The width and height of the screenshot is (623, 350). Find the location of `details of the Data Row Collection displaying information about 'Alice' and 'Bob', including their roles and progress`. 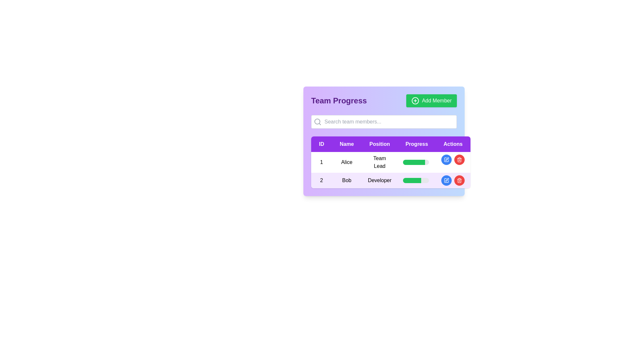

details of the Data Row Collection displaying information about 'Alice' and 'Bob', including their roles and progress is located at coordinates (390, 169).